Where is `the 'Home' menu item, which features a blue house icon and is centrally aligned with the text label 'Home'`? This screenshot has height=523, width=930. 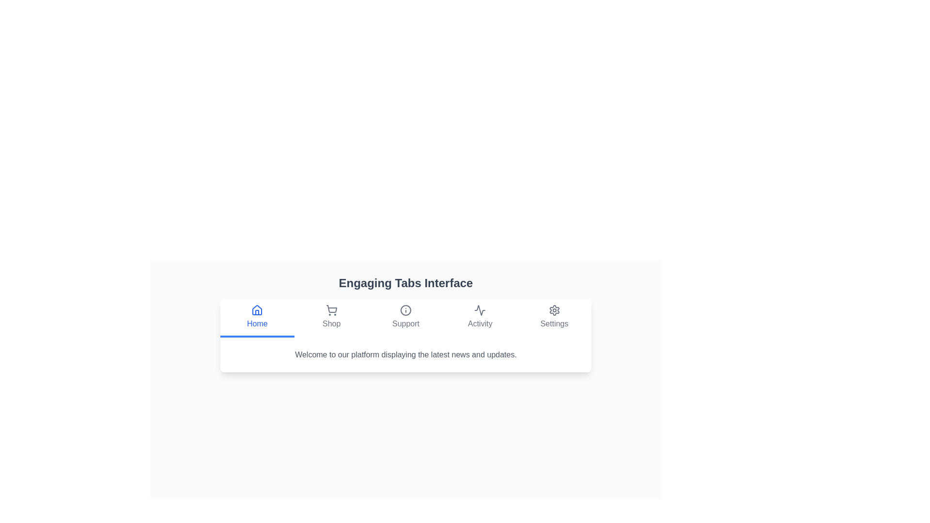
the 'Home' menu item, which features a blue house icon and is centrally aligned with the text label 'Home' is located at coordinates (257, 317).